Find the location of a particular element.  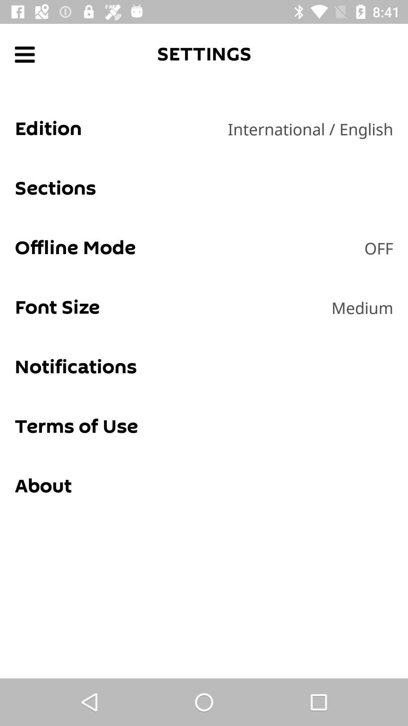

the menu icon is located at coordinates (24, 54).